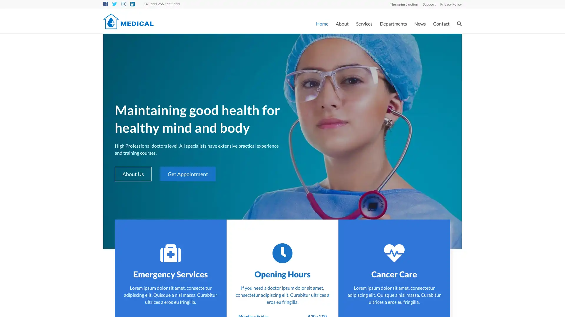  What do you see at coordinates (133, 174) in the screenshot?
I see `About Us` at bounding box center [133, 174].